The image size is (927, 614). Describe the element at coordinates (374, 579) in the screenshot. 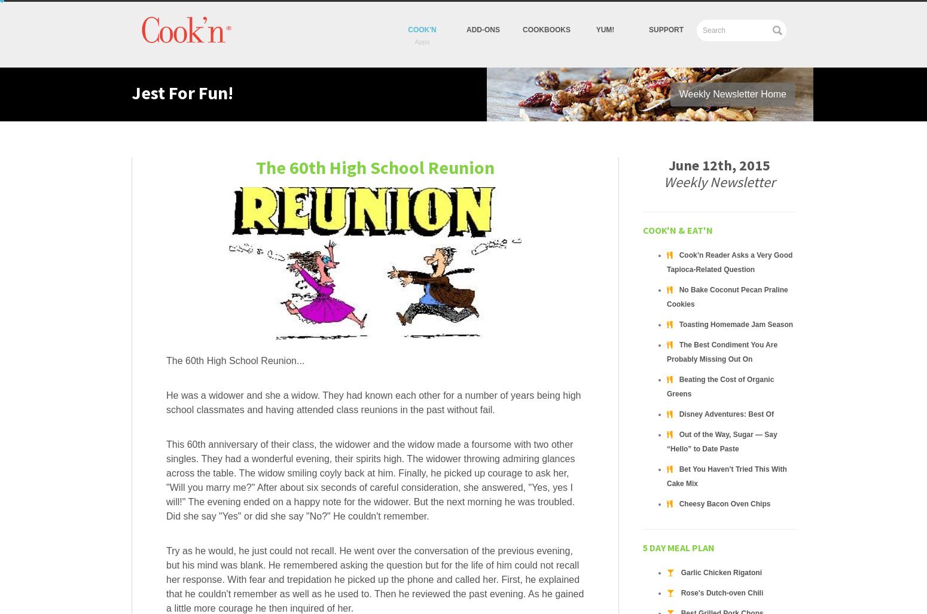

I see `'Try as he would, he just could not recall. He went over the conversation of the previous evening, but his mind was blank. He remembered asking the question
    but for the life of him could not recall her response. With fear and trepidation he picked up the phone and called her. First, he explained that he
    couldn't remember as well as he used to. Then he reviewed the past evening. As he gained a little more courage he then inquired of her.'` at that location.